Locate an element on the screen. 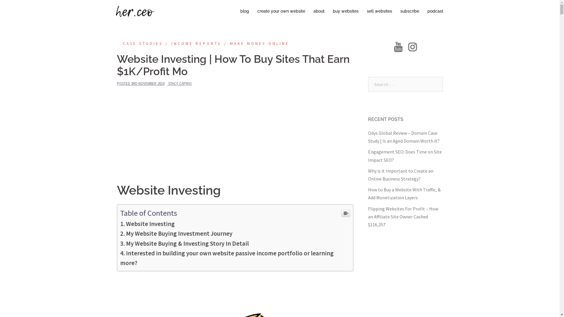 This screenshot has height=317, width=564. 'buy websites' is located at coordinates (345, 11).